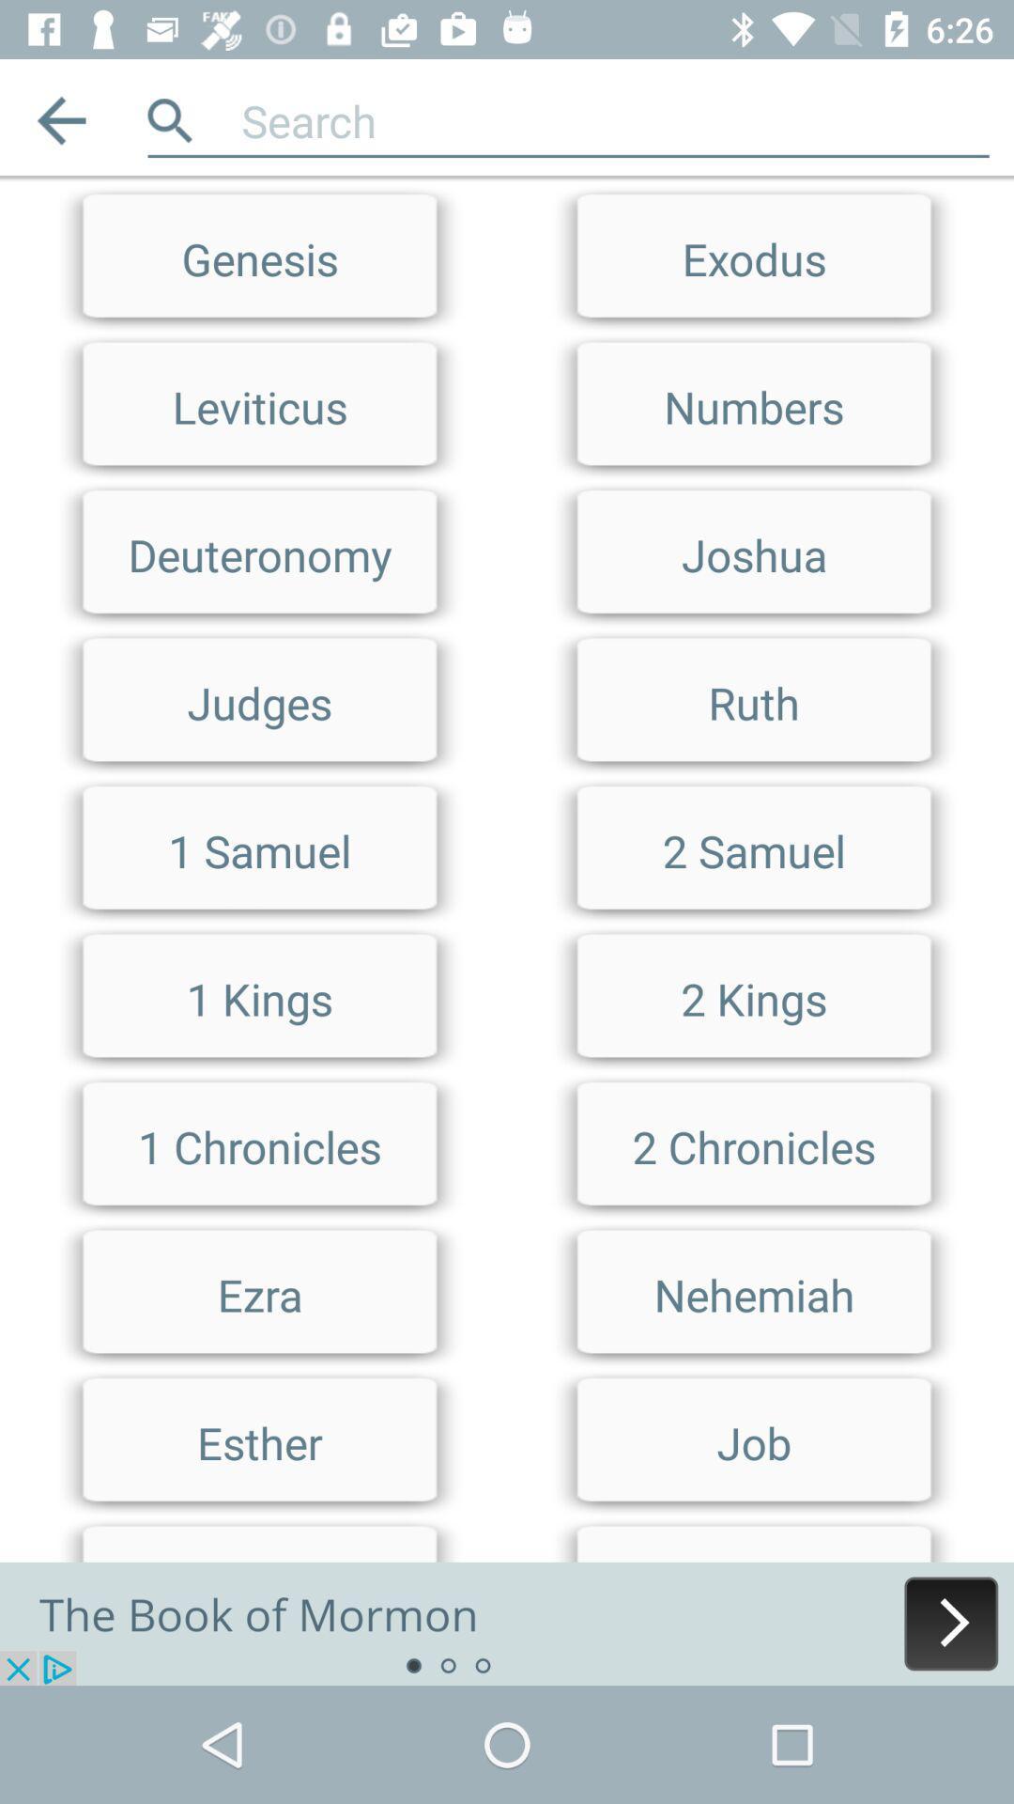  Describe the element at coordinates (615, 119) in the screenshot. I see `search bar` at that location.